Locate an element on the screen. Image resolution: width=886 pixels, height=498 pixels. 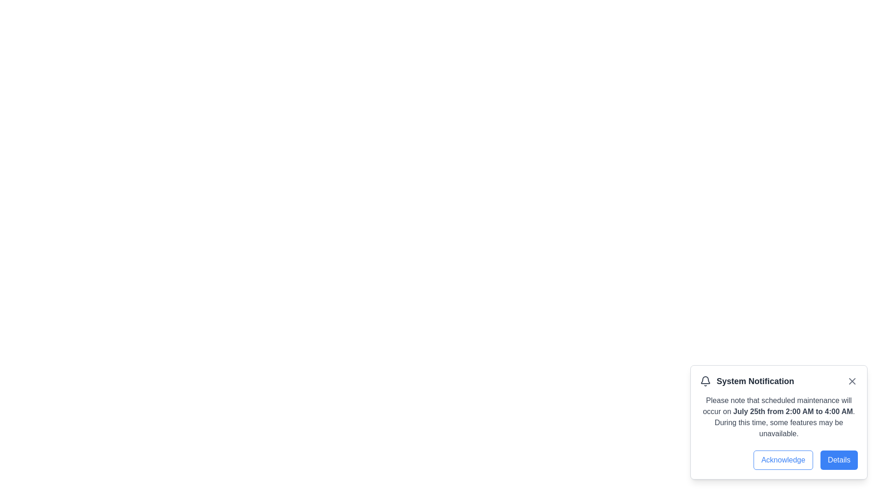
the Close button, which is a small 'X' shape located in the bottom-right corner of the notification modal is located at coordinates (852, 381).